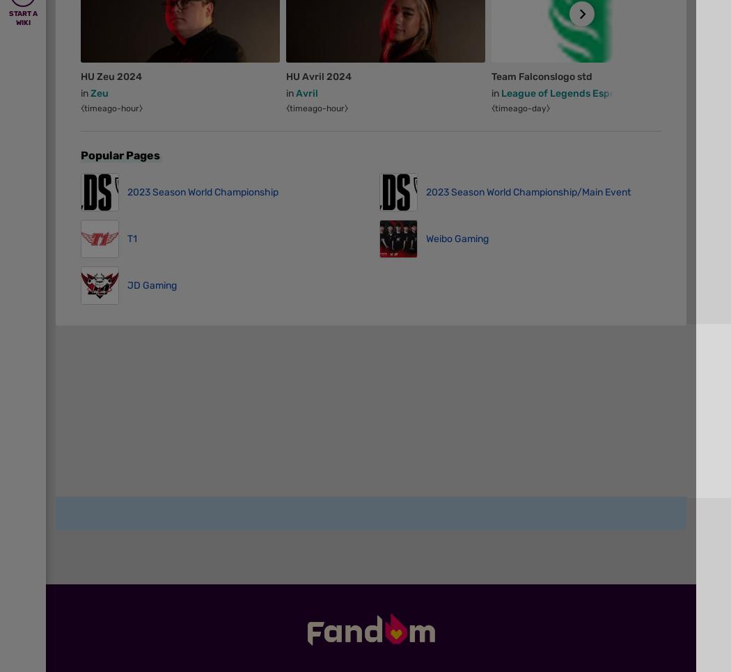 Image resolution: width=731 pixels, height=672 pixels. I want to click on '0.5 bonus attack damage + 0.65 ability power', so click(492, 587).